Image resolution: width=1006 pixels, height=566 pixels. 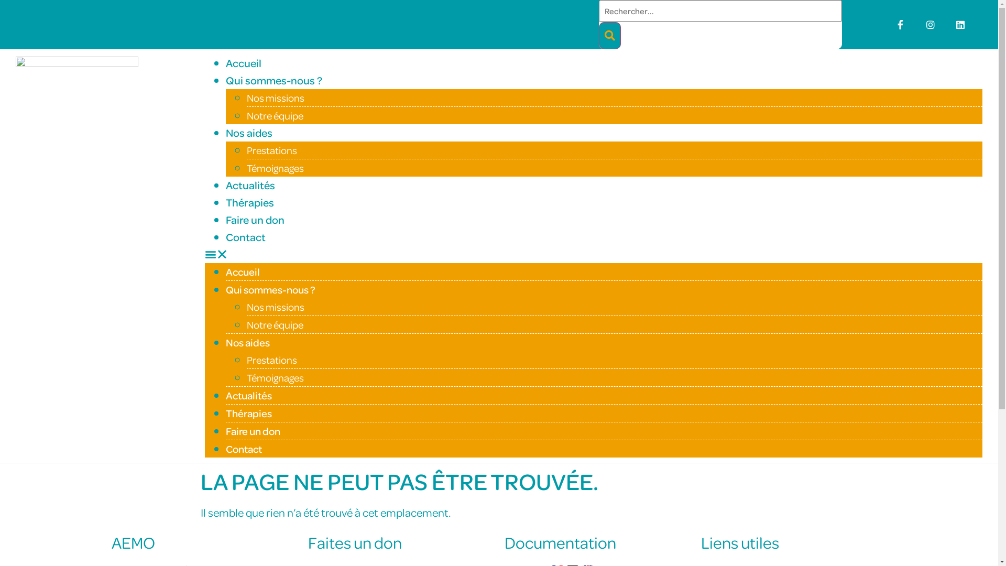 What do you see at coordinates (225, 289) in the screenshot?
I see `'Qui sommes-nous ?'` at bounding box center [225, 289].